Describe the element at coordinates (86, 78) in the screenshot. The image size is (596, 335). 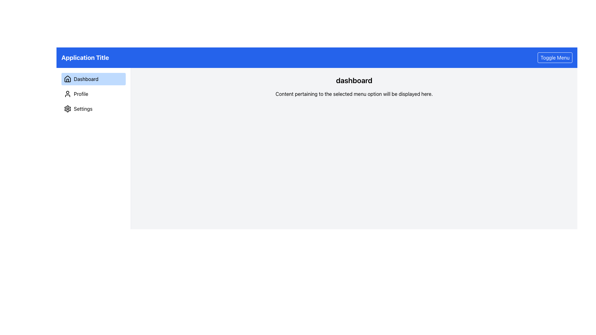
I see `the 'Dashboard' text label which indicates its active state in the left side menu, positioned to the right of the house-shaped icon` at that location.